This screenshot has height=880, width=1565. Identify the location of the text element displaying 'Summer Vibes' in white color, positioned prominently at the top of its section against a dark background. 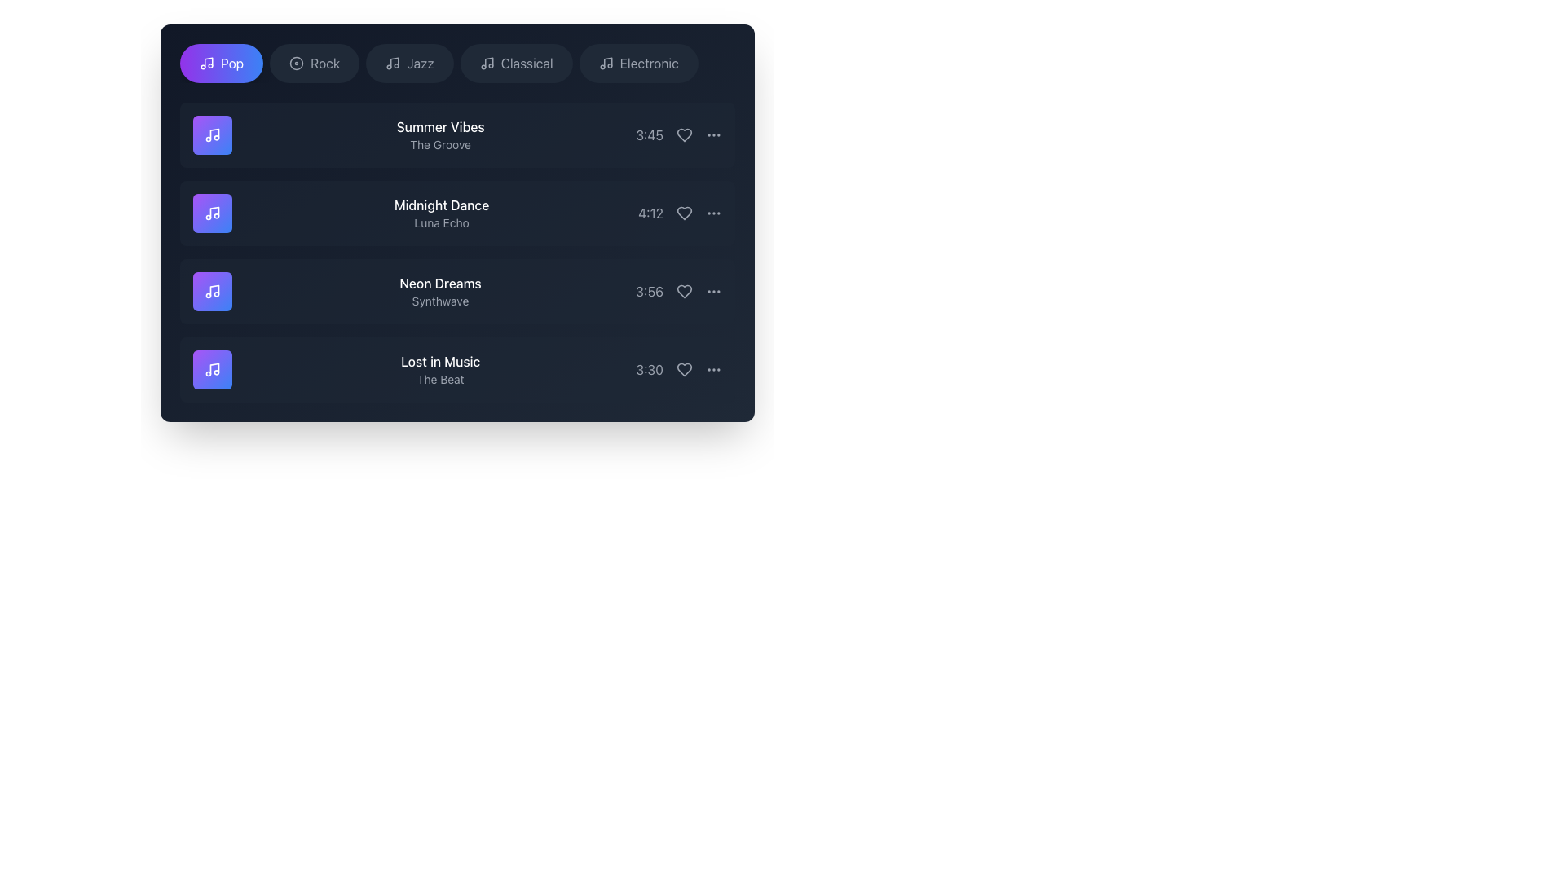
(440, 125).